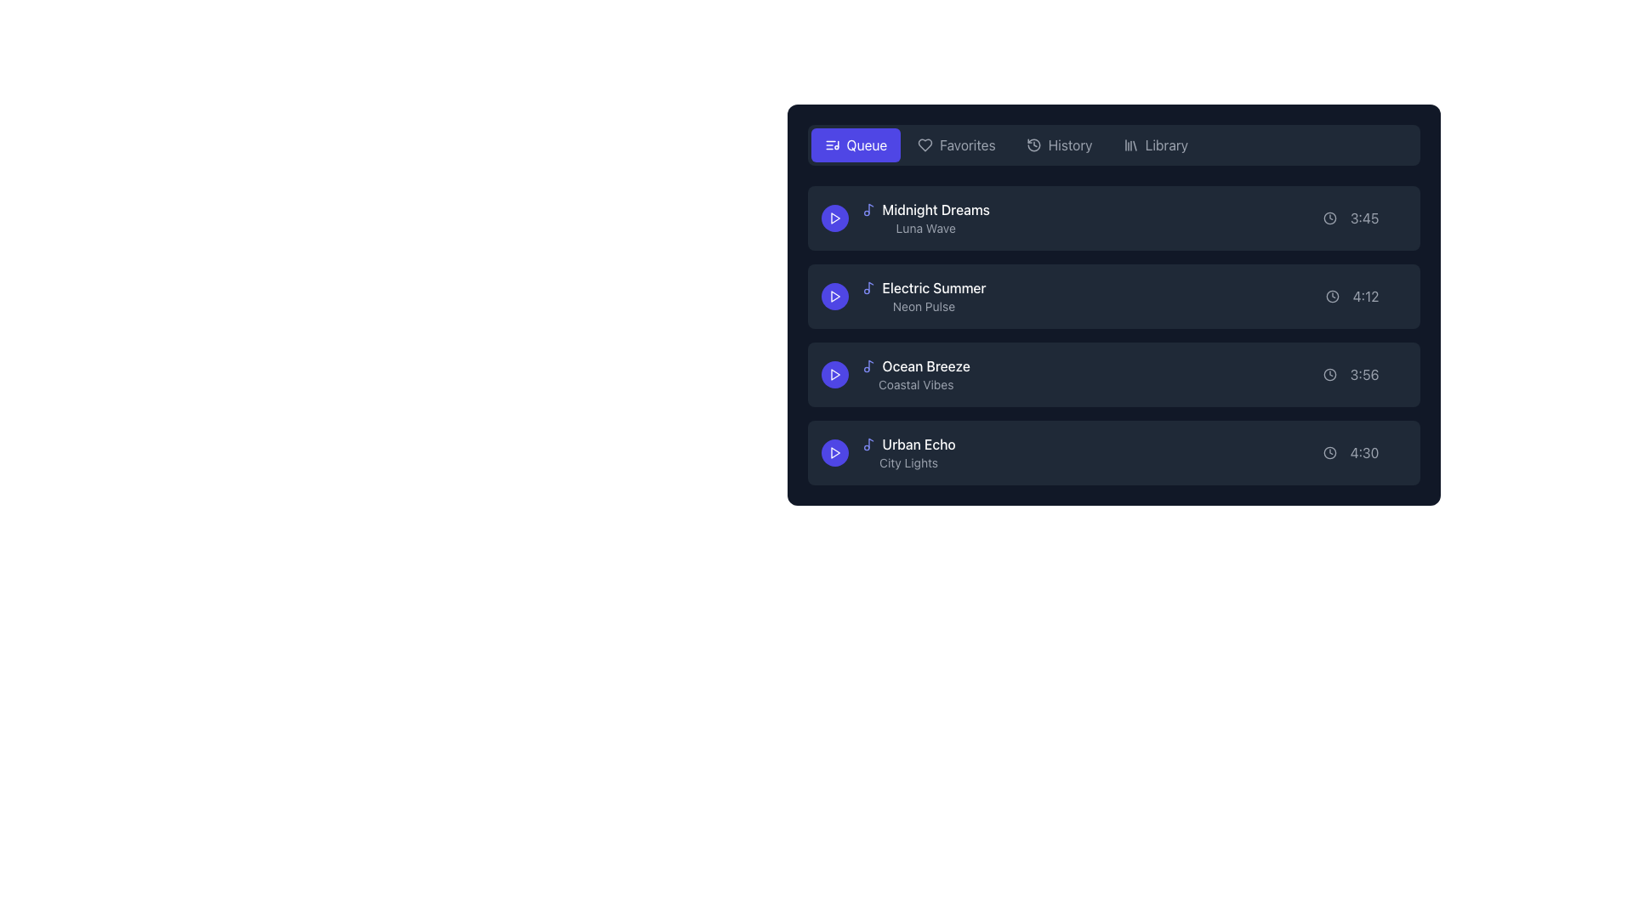  Describe the element at coordinates (1069, 144) in the screenshot. I see `the 'History' text label in the navigation bar, which indicates the section related to history logs and is positioned third from the left` at that location.